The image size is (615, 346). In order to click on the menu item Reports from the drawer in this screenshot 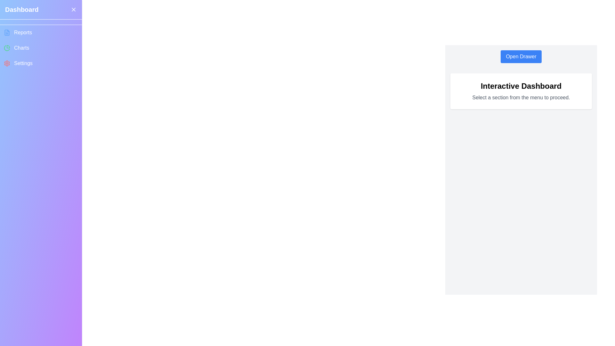, I will do `click(41, 32)`.